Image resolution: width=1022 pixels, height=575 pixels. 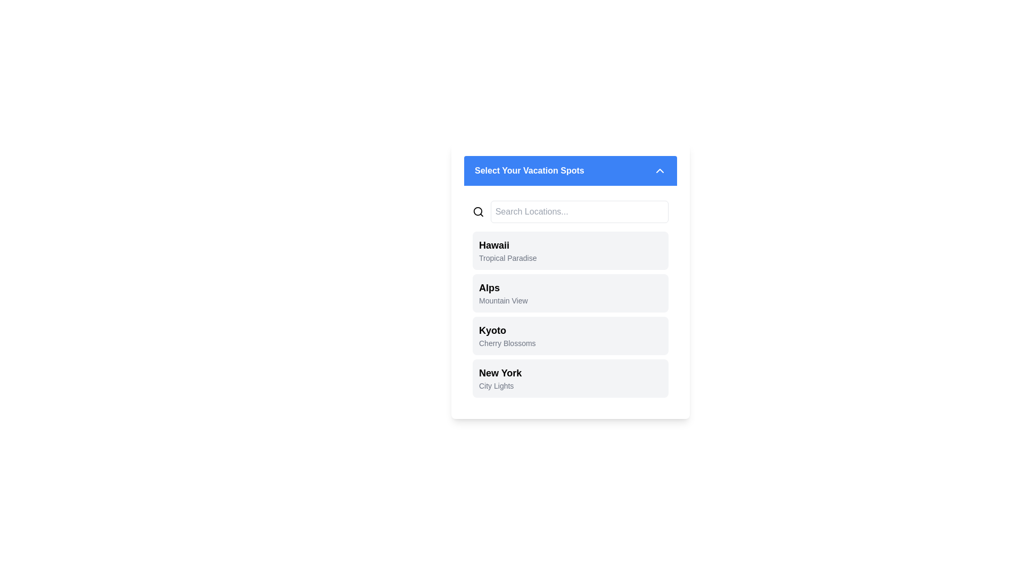 What do you see at coordinates (500, 386) in the screenshot?
I see `the text element displaying 'City Lights' located underneath the 'New York' title in a smaller, lighter font` at bounding box center [500, 386].